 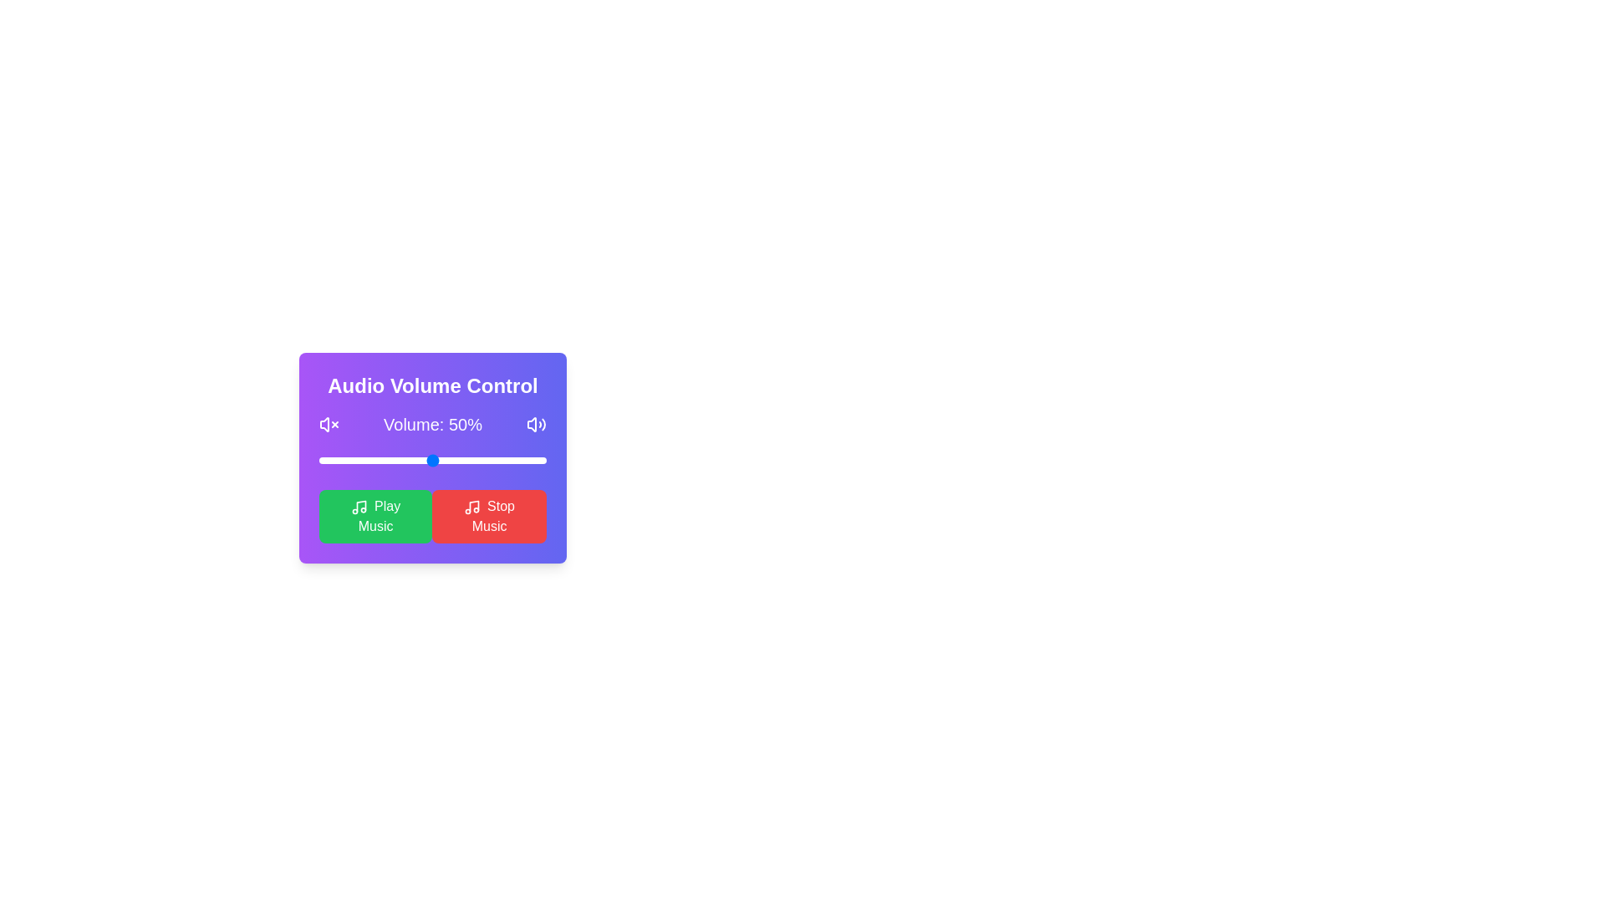 What do you see at coordinates (471, 506) in the screenshot?
I see `the music-related icon inside the 'Stop Music' button, which is located in the lower section of the purple panel titled 'Audio Volume Control'` at bounding box center [471, 506].